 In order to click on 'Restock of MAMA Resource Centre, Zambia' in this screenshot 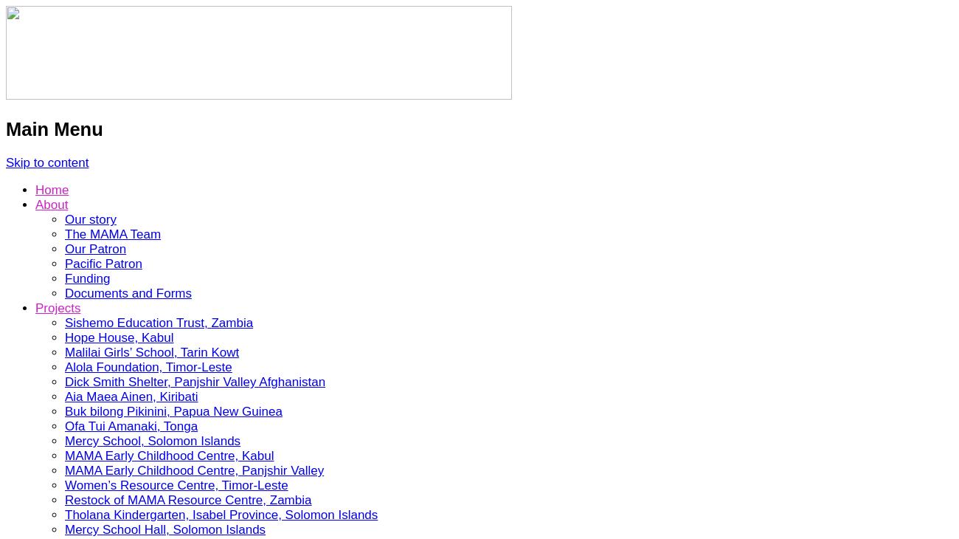, I will do `click(187, 500)`.